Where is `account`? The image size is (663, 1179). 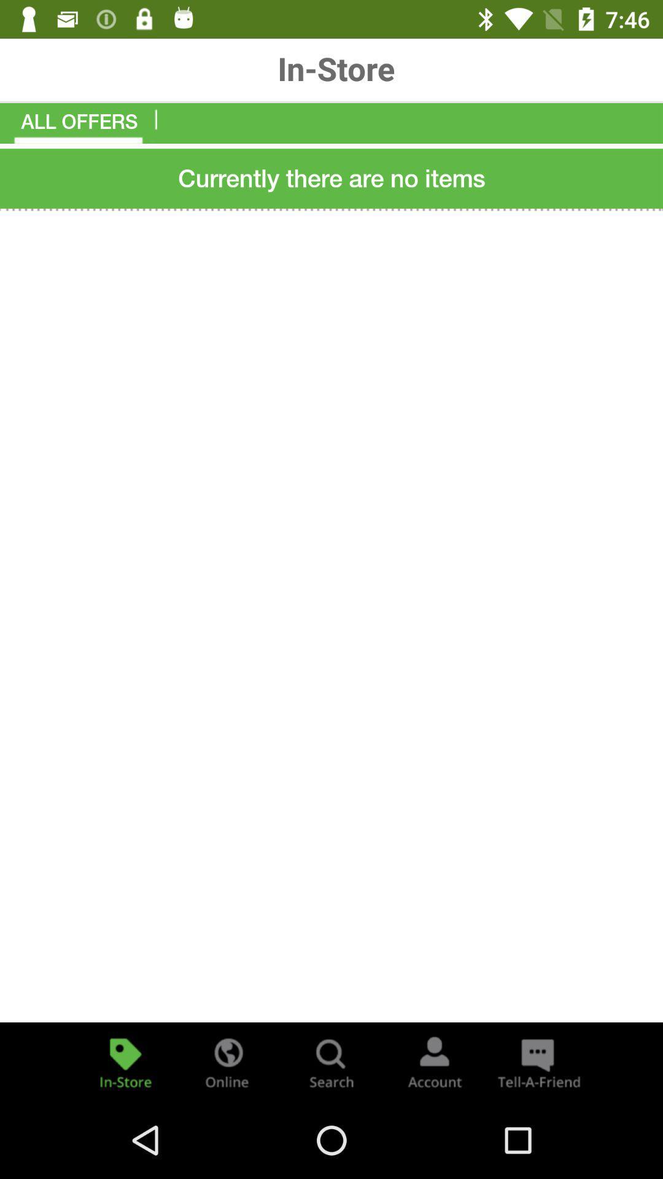
account is located at coordinates (434, 1061).